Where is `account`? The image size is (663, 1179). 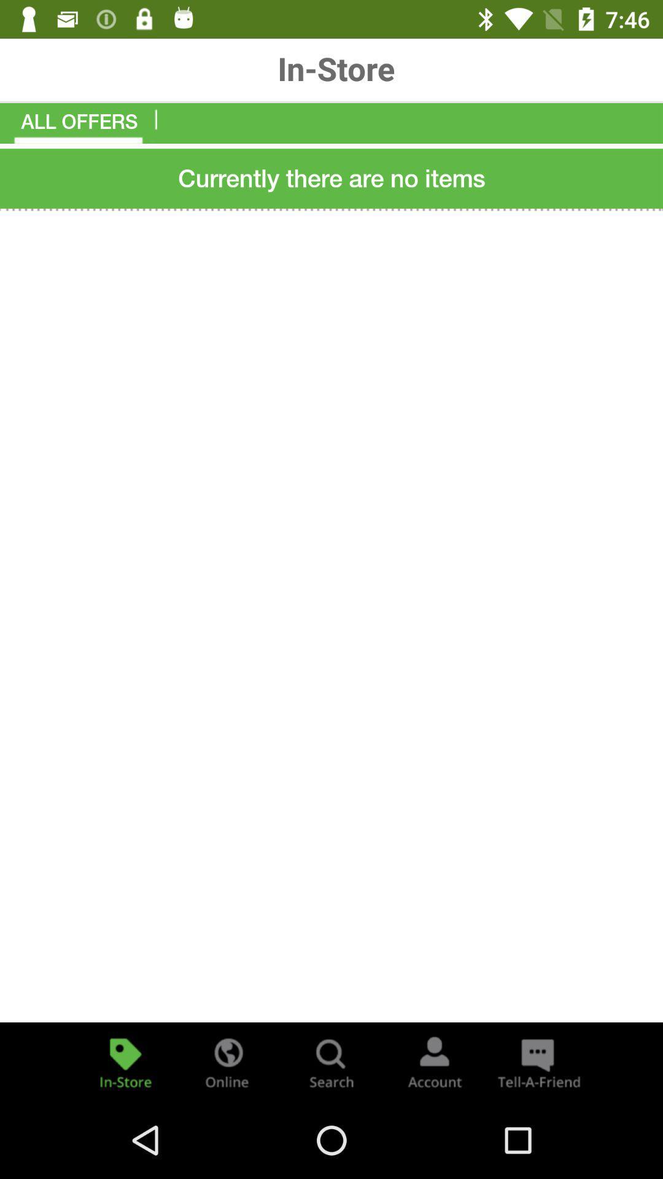
account is located at coordinates (434, 1061).